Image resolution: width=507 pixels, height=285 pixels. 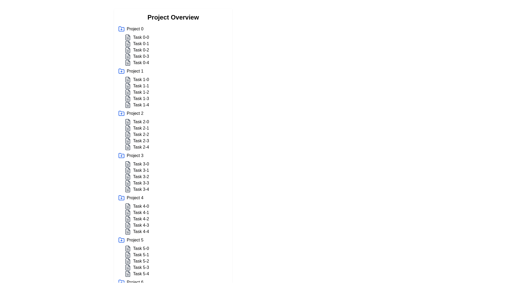 What do you see at coordinates (128, 43) in the screenshot?
I see `the document icon, which is the second icon under the 'Project 0' category, featuring a rectangular shape with a dog-eared top right corner` at bounding box center [128, 43].